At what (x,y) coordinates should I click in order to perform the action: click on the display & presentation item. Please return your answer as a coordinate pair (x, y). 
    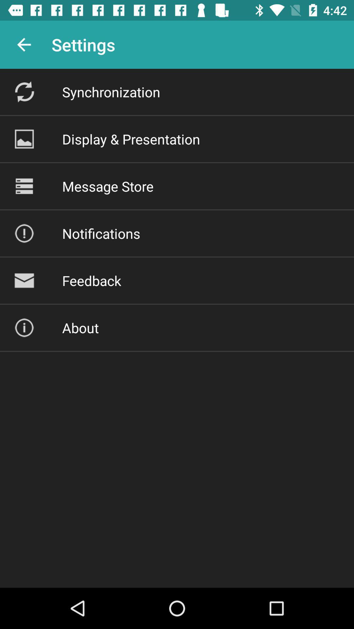
    Looking at the image, I should click on (131, 139).